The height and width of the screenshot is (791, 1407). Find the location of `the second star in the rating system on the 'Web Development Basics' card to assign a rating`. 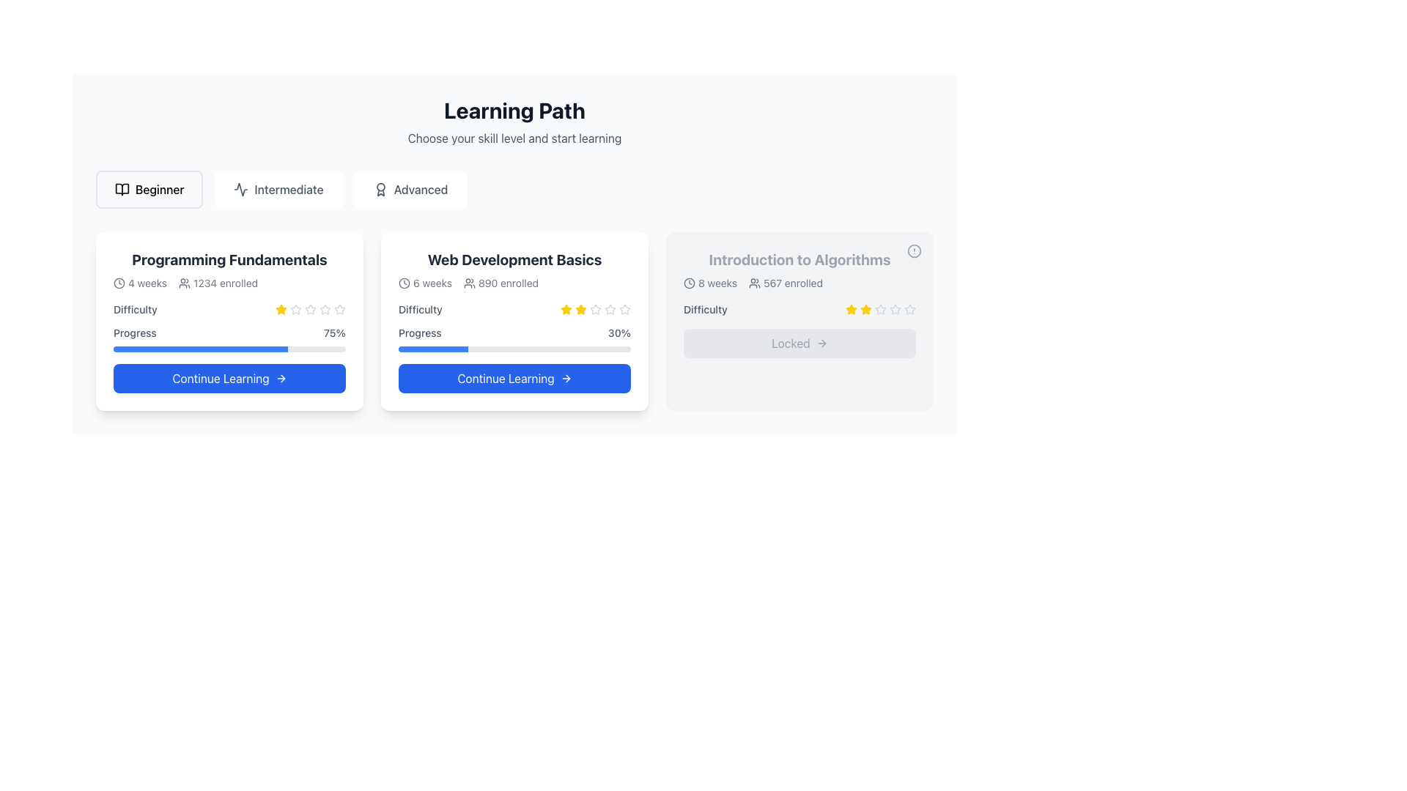

the second star in the rating system on the 'Web Development Basics' card to assign a rating is located at coordinates (595, 308).